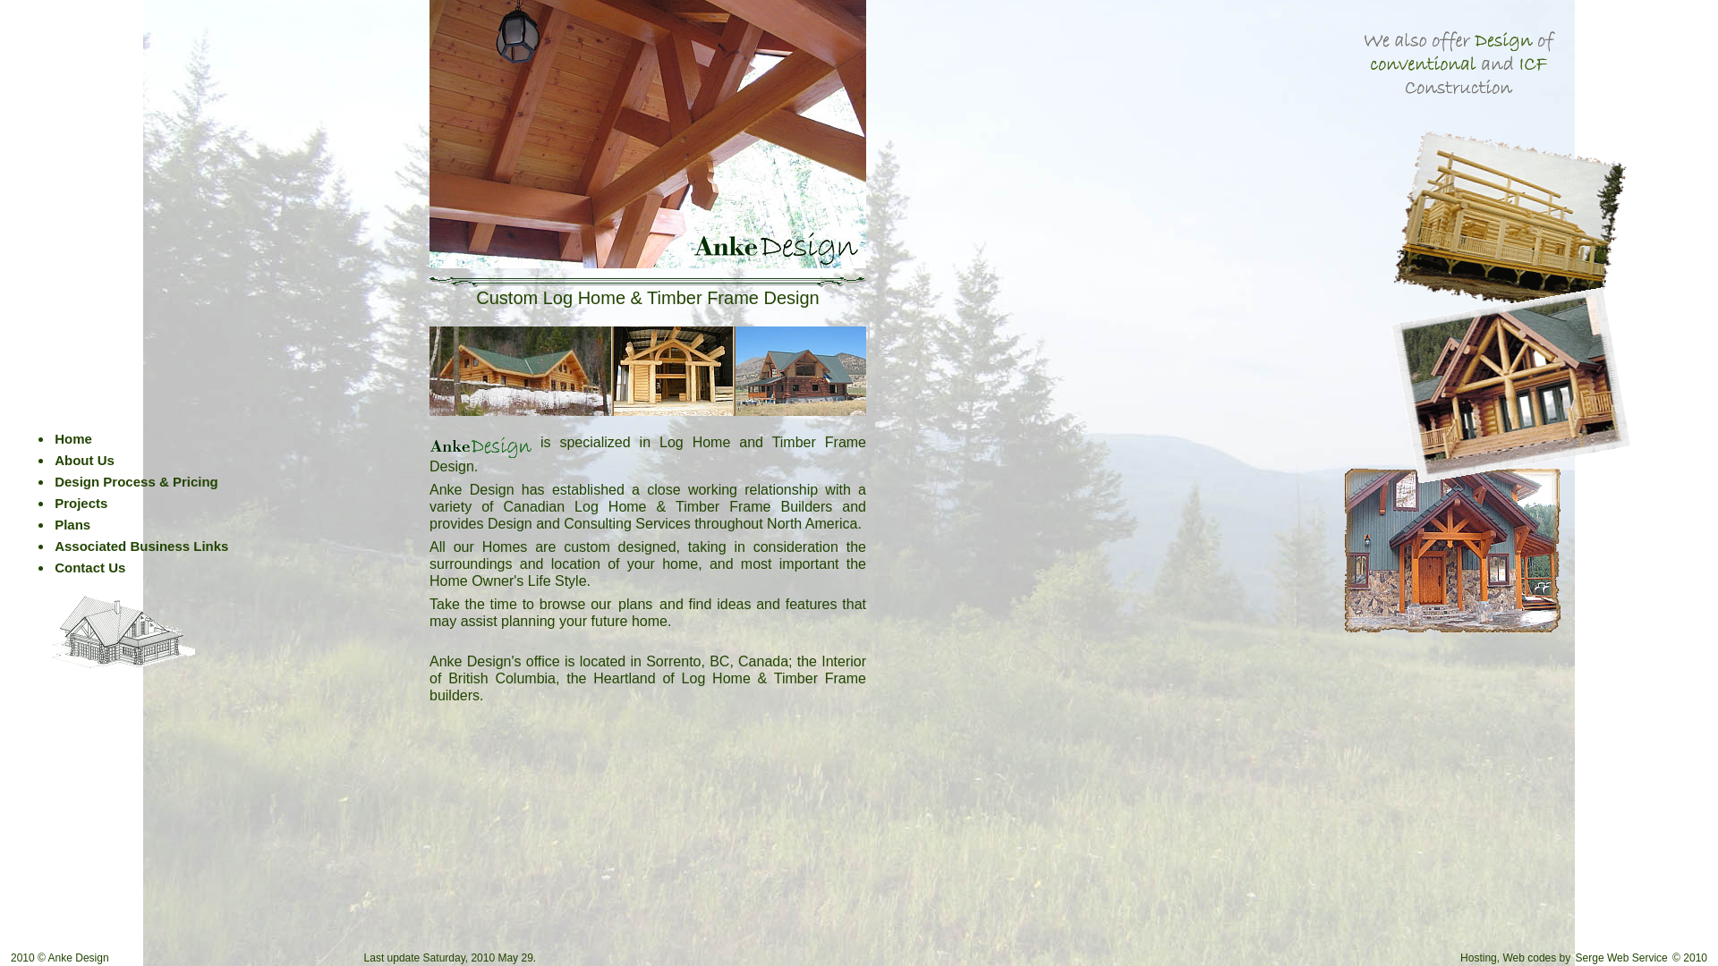 The image size is (1718, 966). I want to click on 'Plans', so click(72, 523).